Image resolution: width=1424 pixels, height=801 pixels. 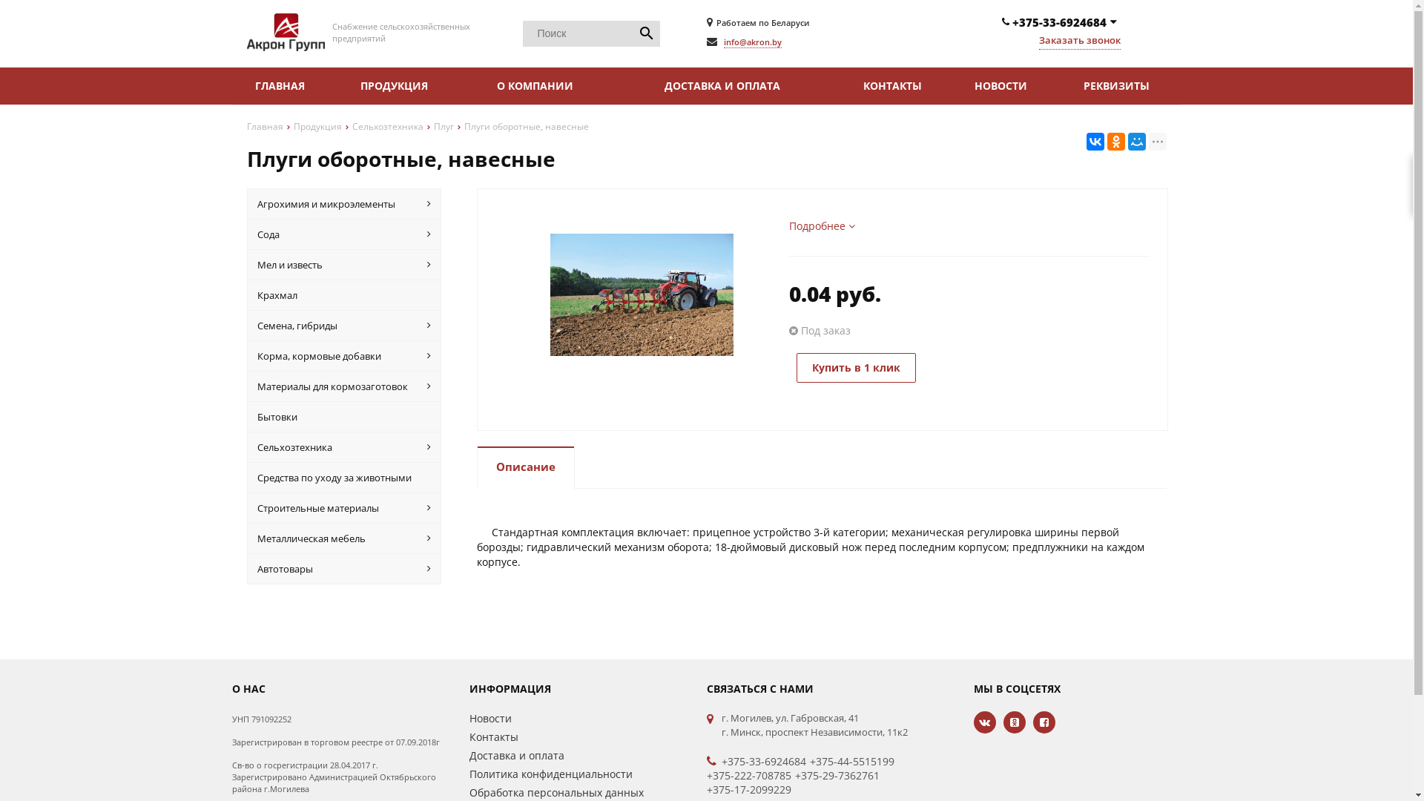 What do you see at coordinates (808, 761) in the screenshot?
I see `'+375-44-5515199'` at bounding box center [808, 761].